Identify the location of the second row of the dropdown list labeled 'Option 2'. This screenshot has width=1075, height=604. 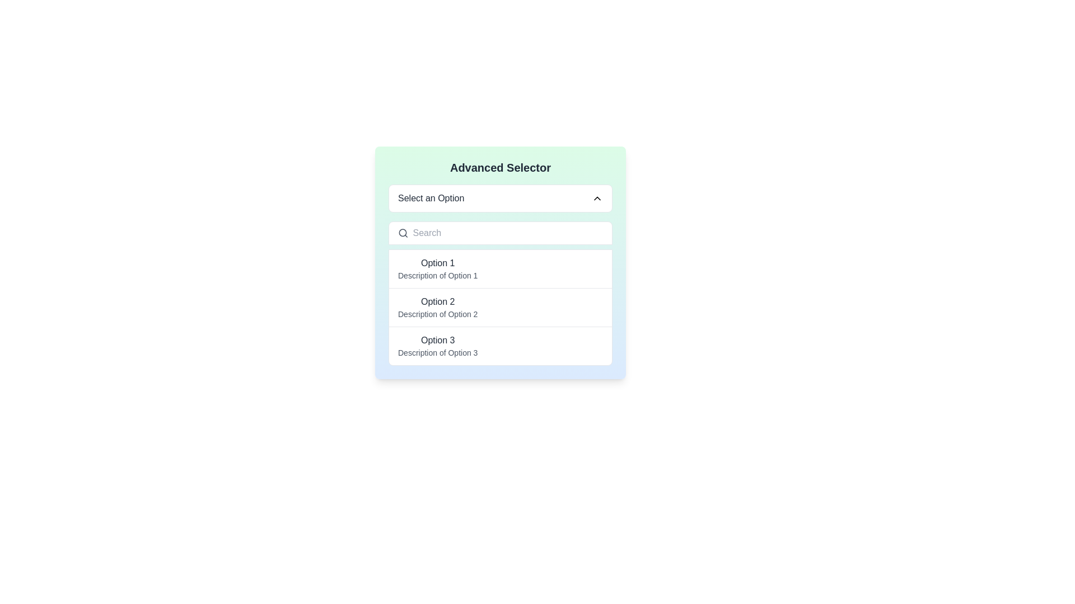
(499, 306).